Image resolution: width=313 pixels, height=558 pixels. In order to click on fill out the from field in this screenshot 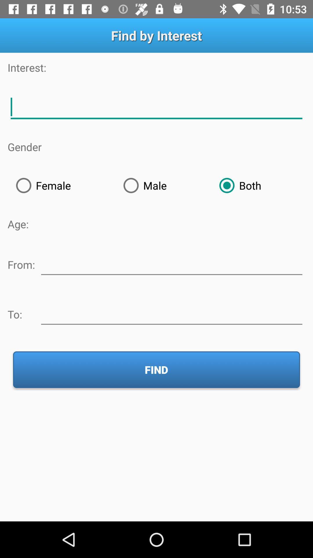, I will do `click(171, 263)`.